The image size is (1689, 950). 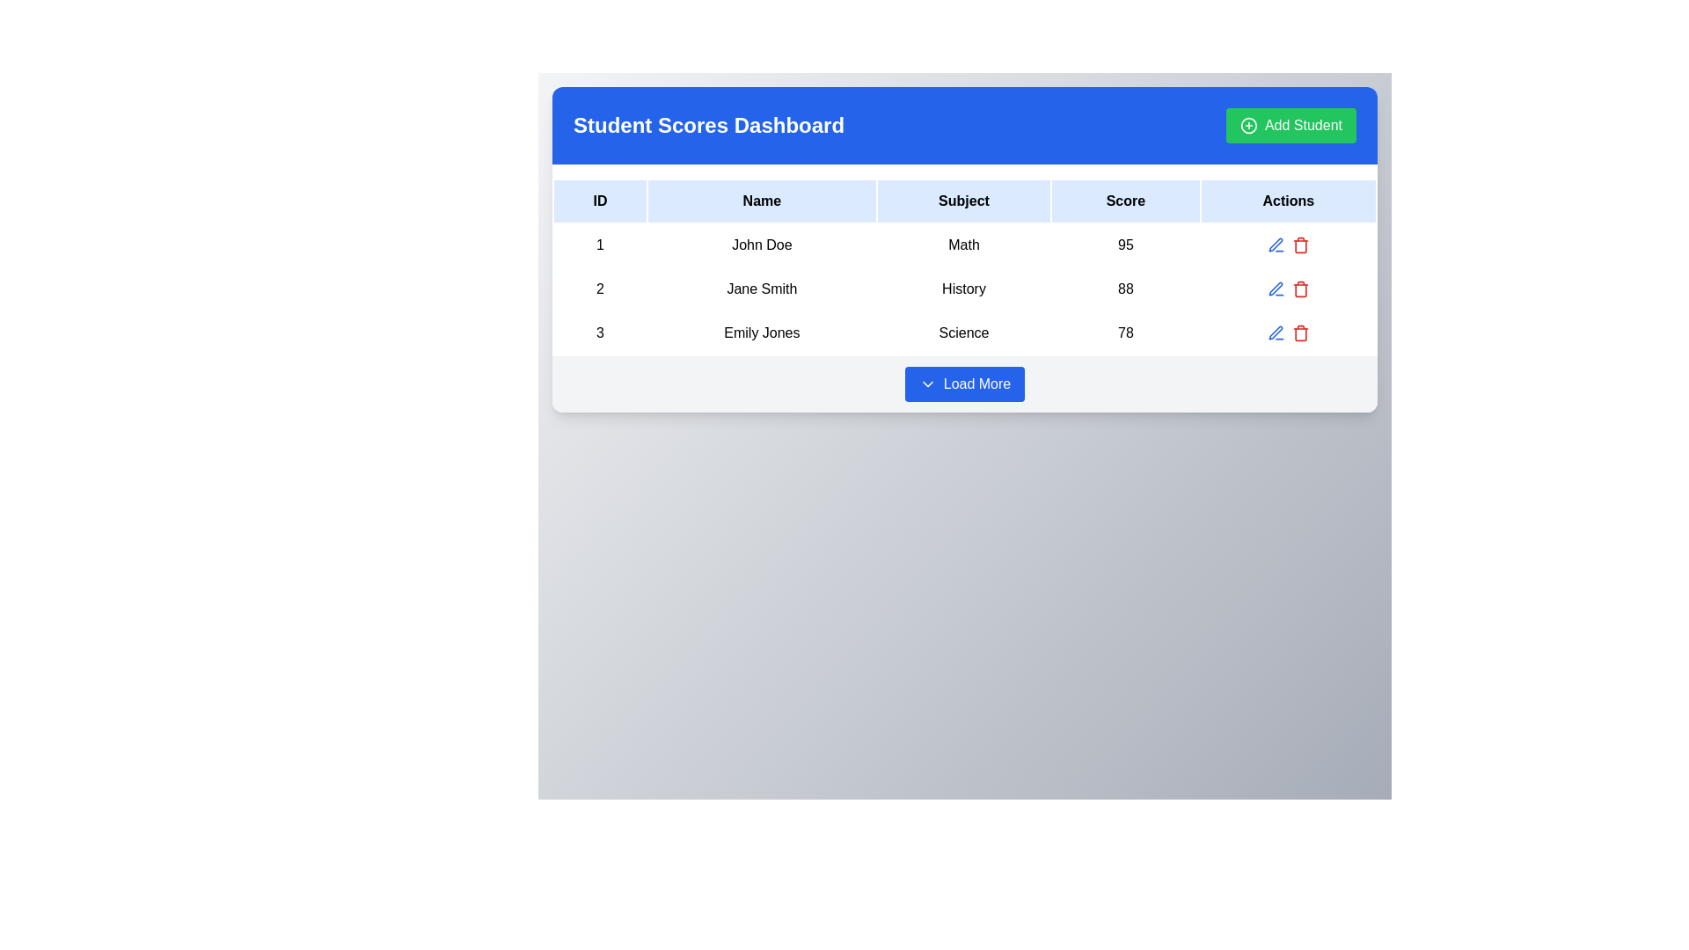 I want to click on the red trash icon button representing the delete action for 'Emily Jones', so click(x=1300, y=332).